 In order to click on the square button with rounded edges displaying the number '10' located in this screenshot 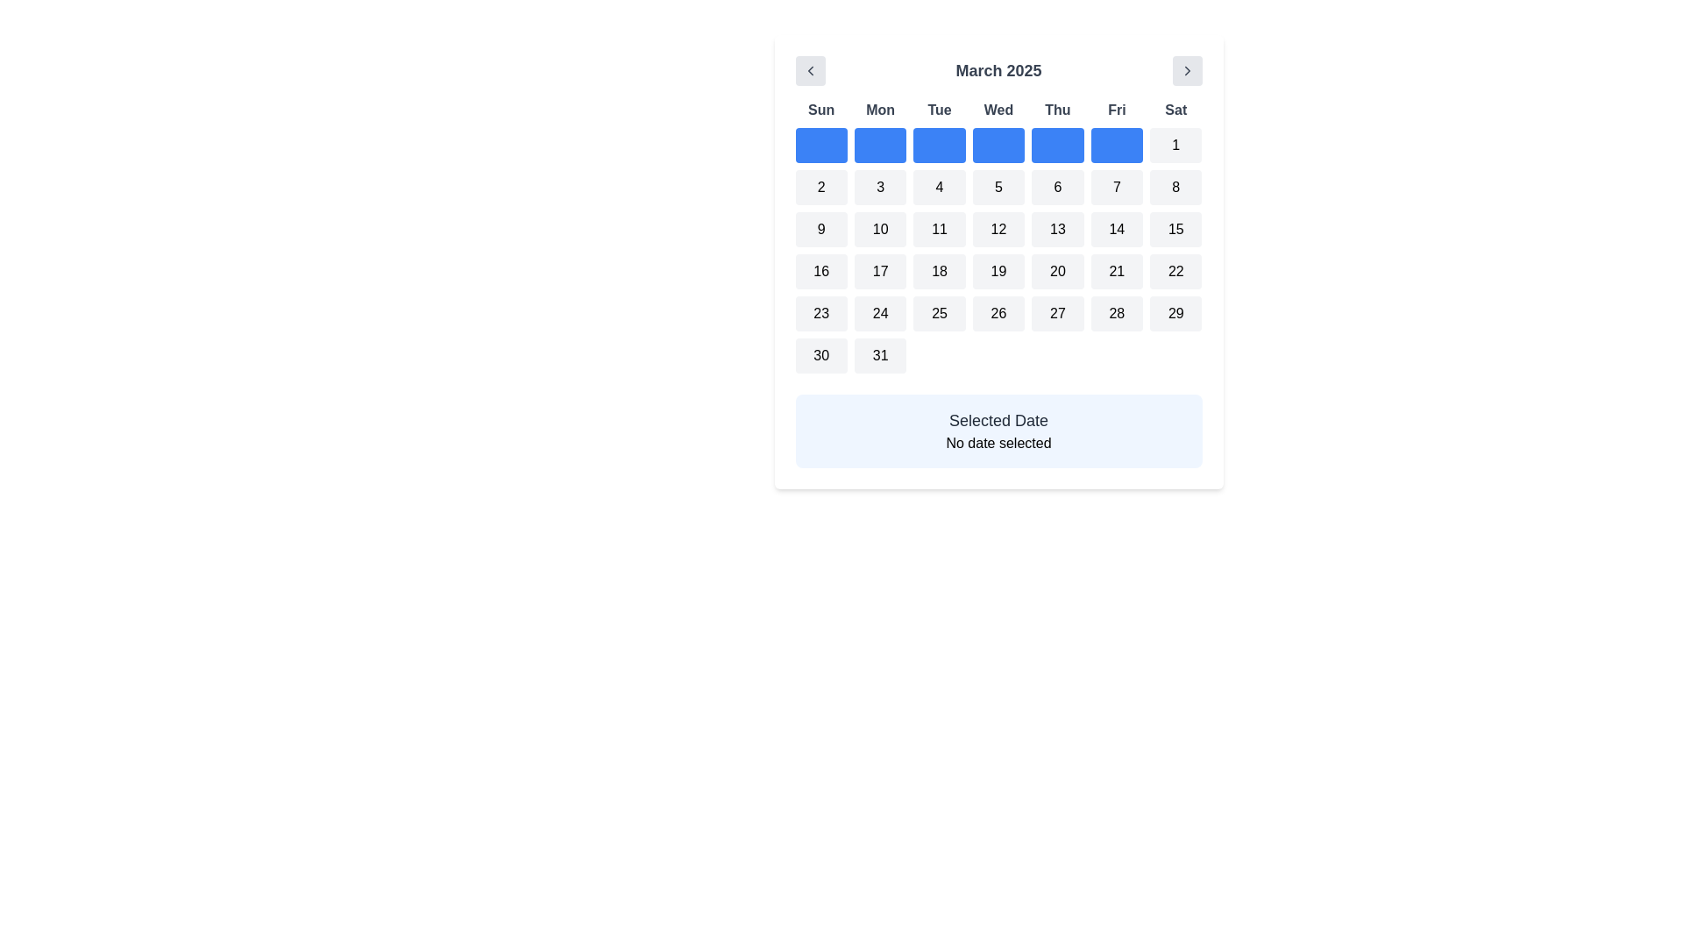, I will do `click(879, 229)`.